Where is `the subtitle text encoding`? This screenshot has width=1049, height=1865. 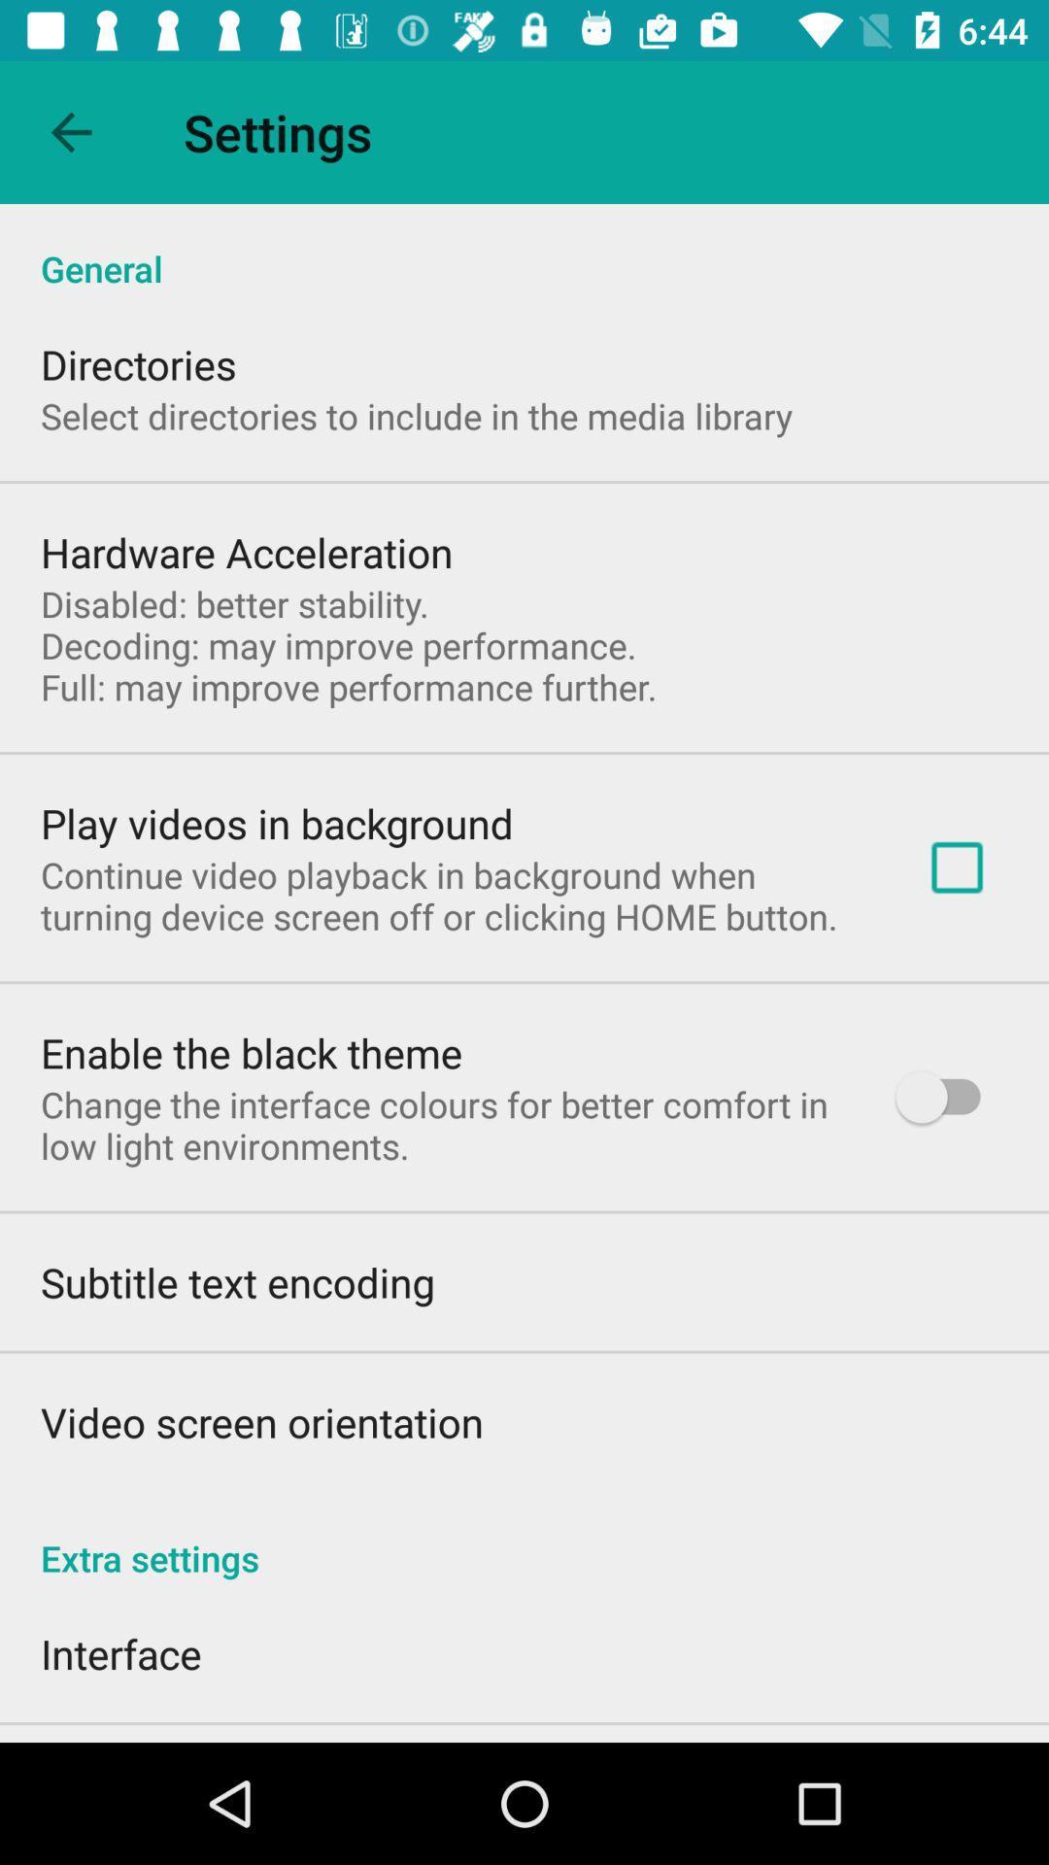
the subtitle text encoding is located at coordinates (236, 1282).